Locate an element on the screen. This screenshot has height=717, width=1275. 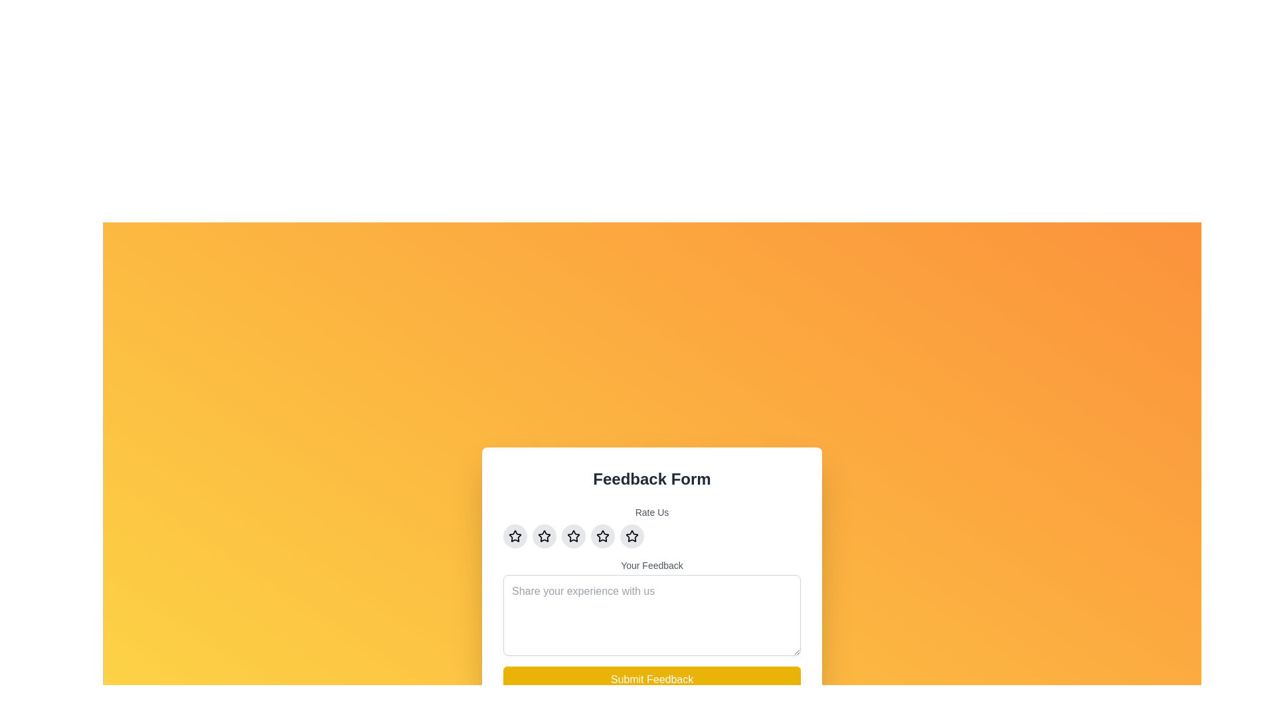
the star icon button is located at coordinates (545, 535).